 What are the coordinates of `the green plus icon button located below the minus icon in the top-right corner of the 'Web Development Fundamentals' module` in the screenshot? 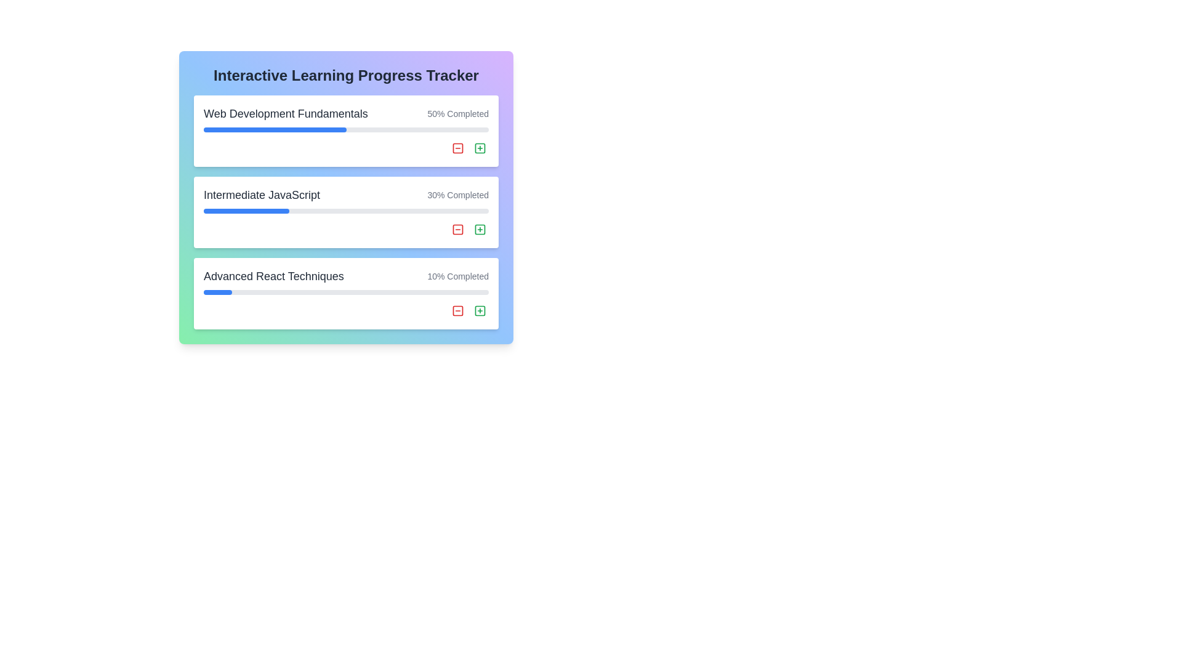 It's located at (479, 147).